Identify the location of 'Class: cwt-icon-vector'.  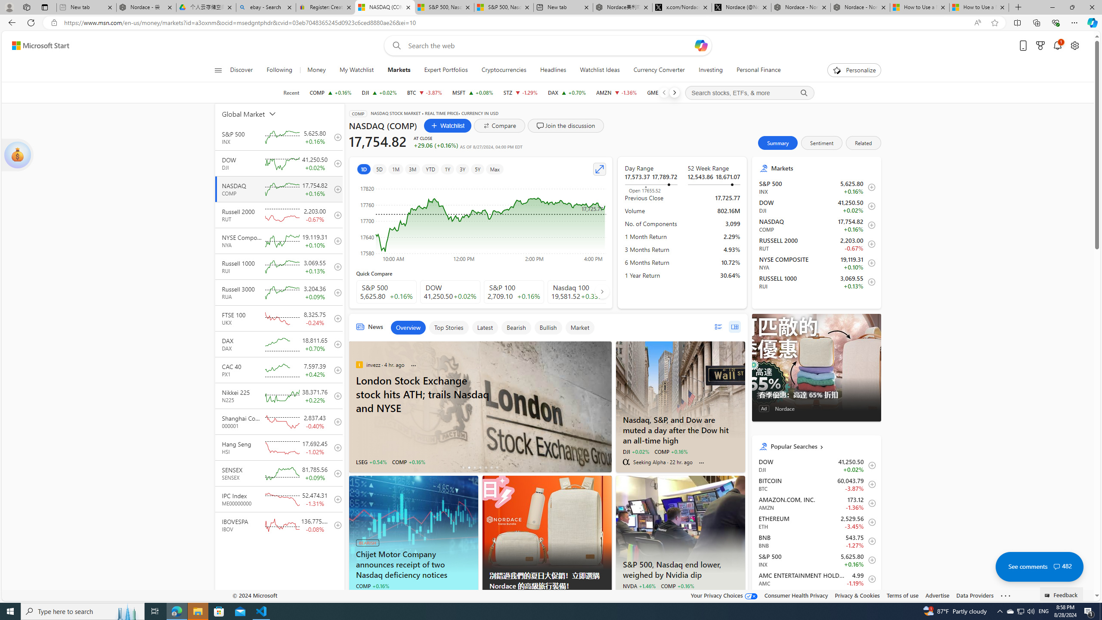
(1056, 566).